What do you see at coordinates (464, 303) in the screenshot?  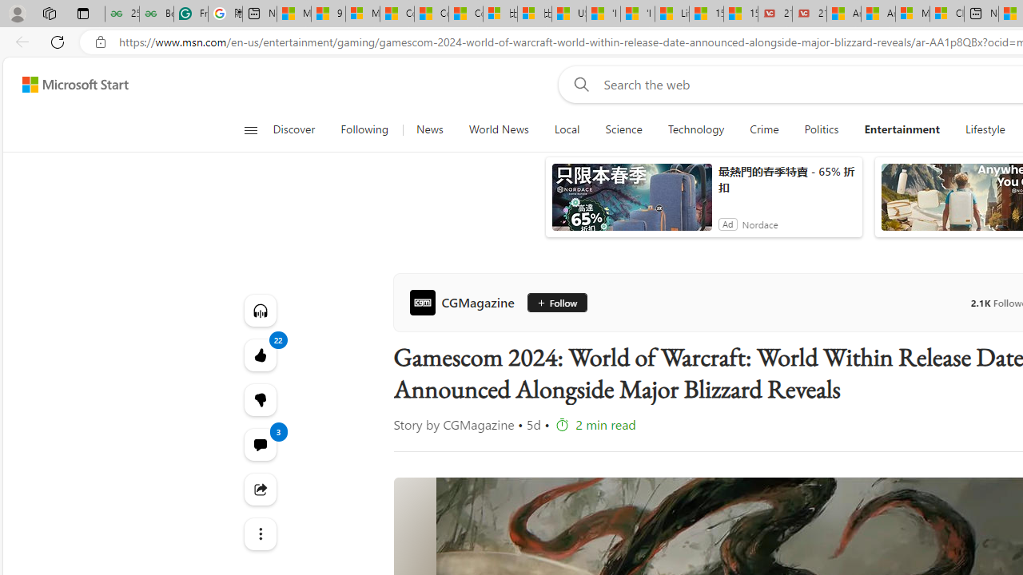 I see `'CGMagazine'` at bounding box center [464, 303].